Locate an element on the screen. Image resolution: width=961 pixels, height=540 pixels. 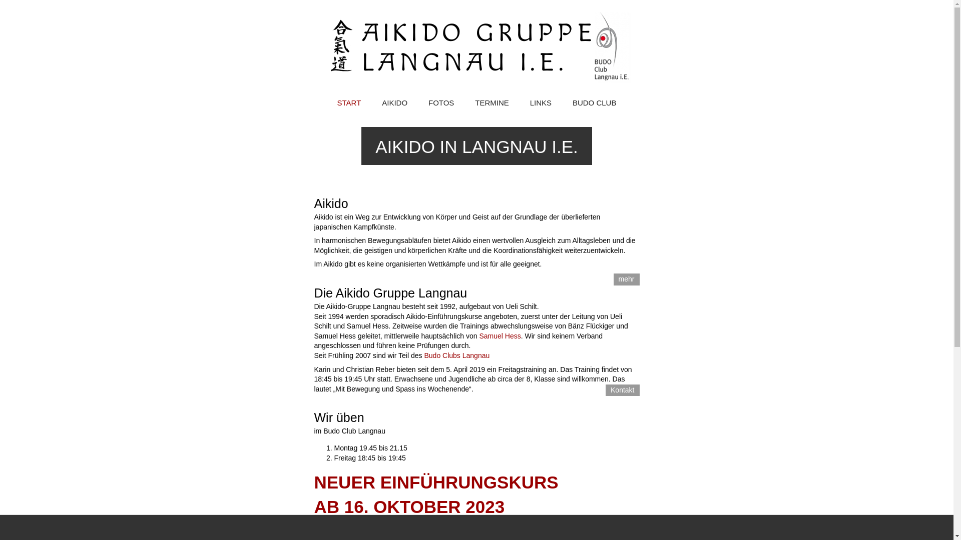
'TERMINE' is located at coordinates (492, 103).